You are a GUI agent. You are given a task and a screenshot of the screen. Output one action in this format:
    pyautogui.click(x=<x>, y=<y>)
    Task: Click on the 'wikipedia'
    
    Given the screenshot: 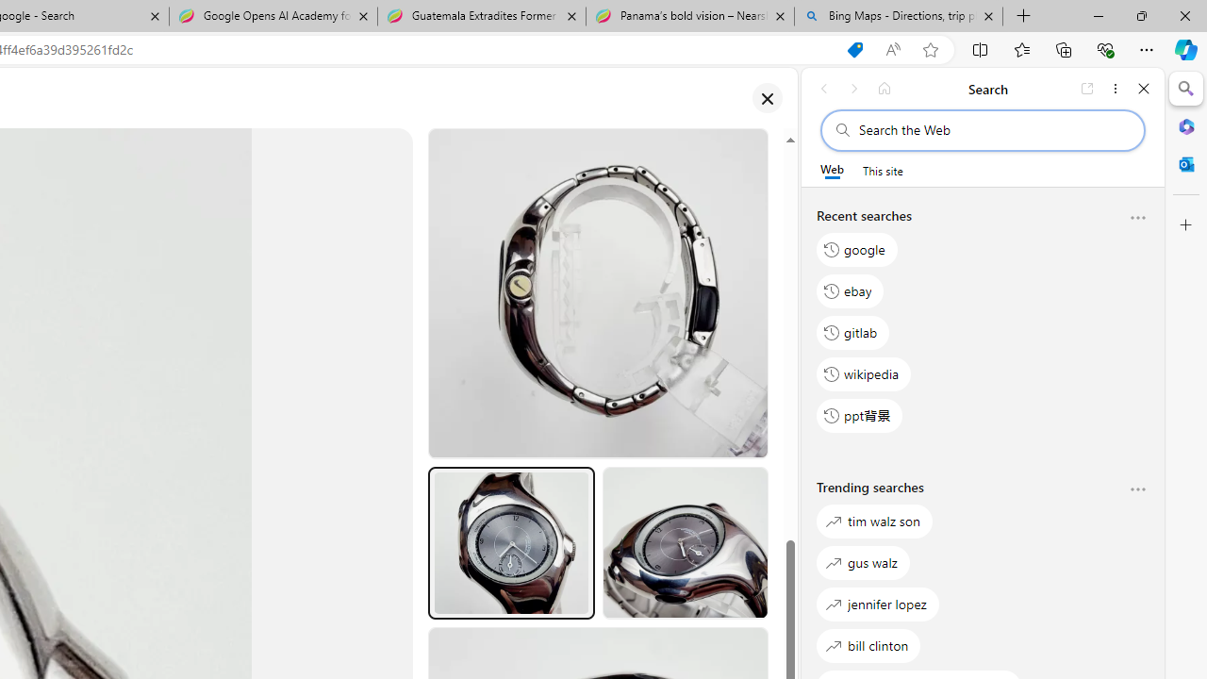 What is the action you would take?
    pyautogui.click(x=863, y=373)
    